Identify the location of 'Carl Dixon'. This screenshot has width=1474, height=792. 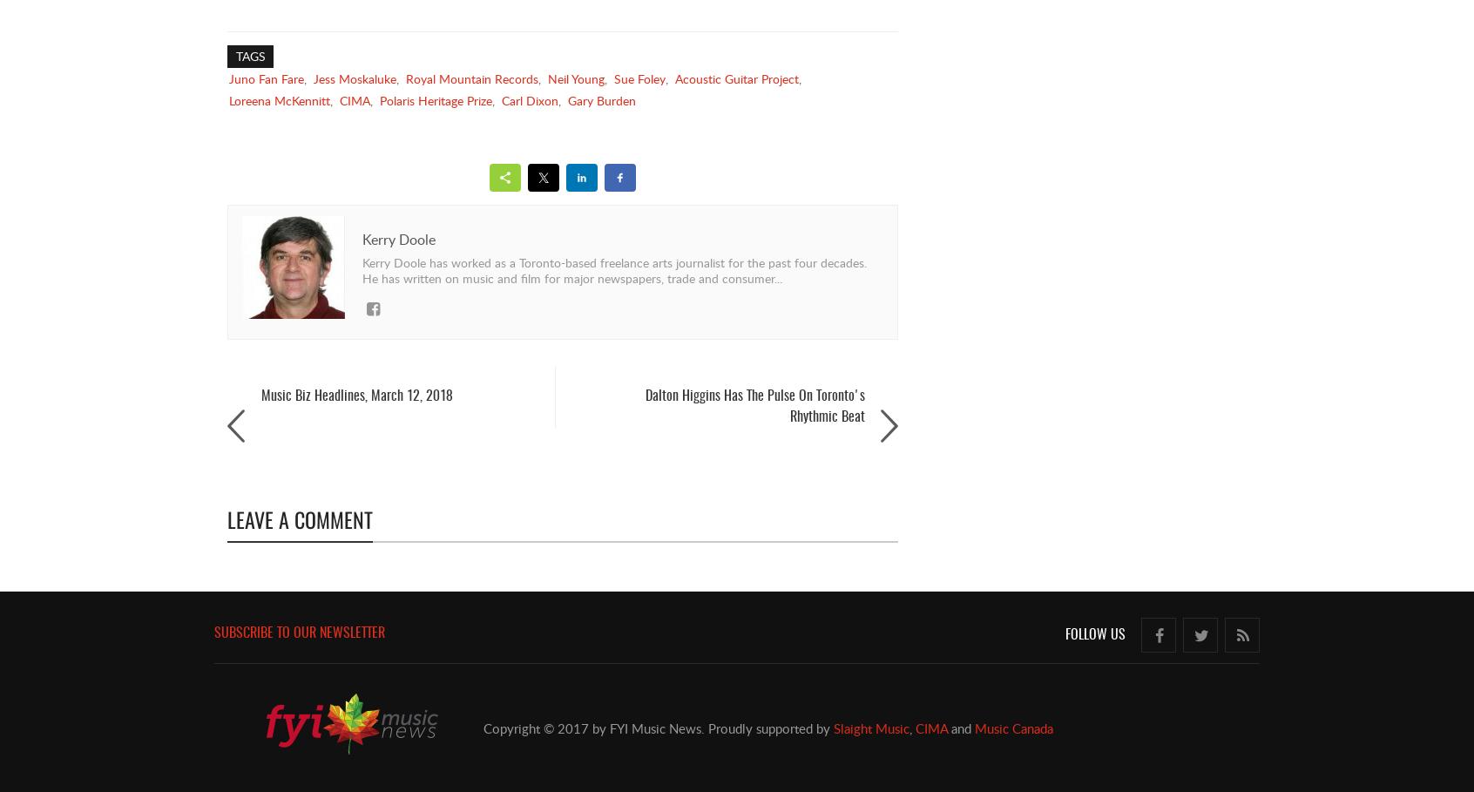
(529, 100).